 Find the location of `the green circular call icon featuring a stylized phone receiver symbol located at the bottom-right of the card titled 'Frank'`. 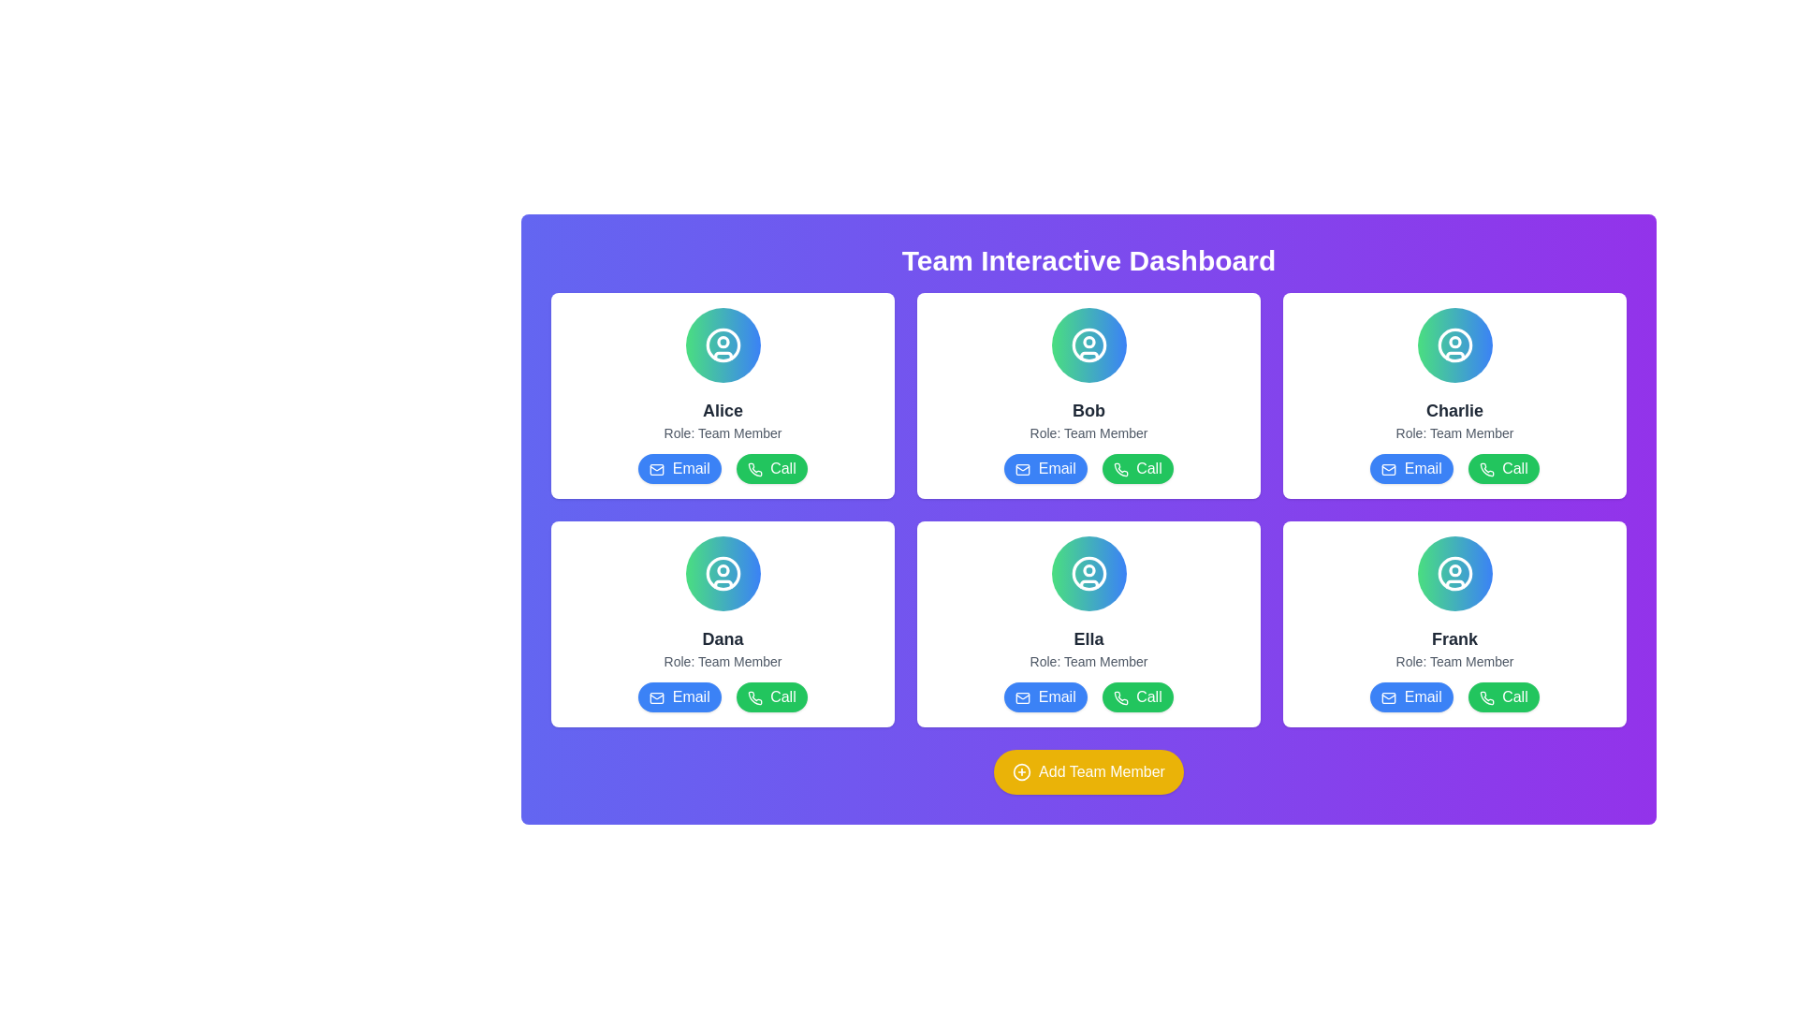

the green circular call icon featuring a stylized phone receiver symbol located at the bottom-right of the card titled 'Frank' is located at coordinates (1485, 697).